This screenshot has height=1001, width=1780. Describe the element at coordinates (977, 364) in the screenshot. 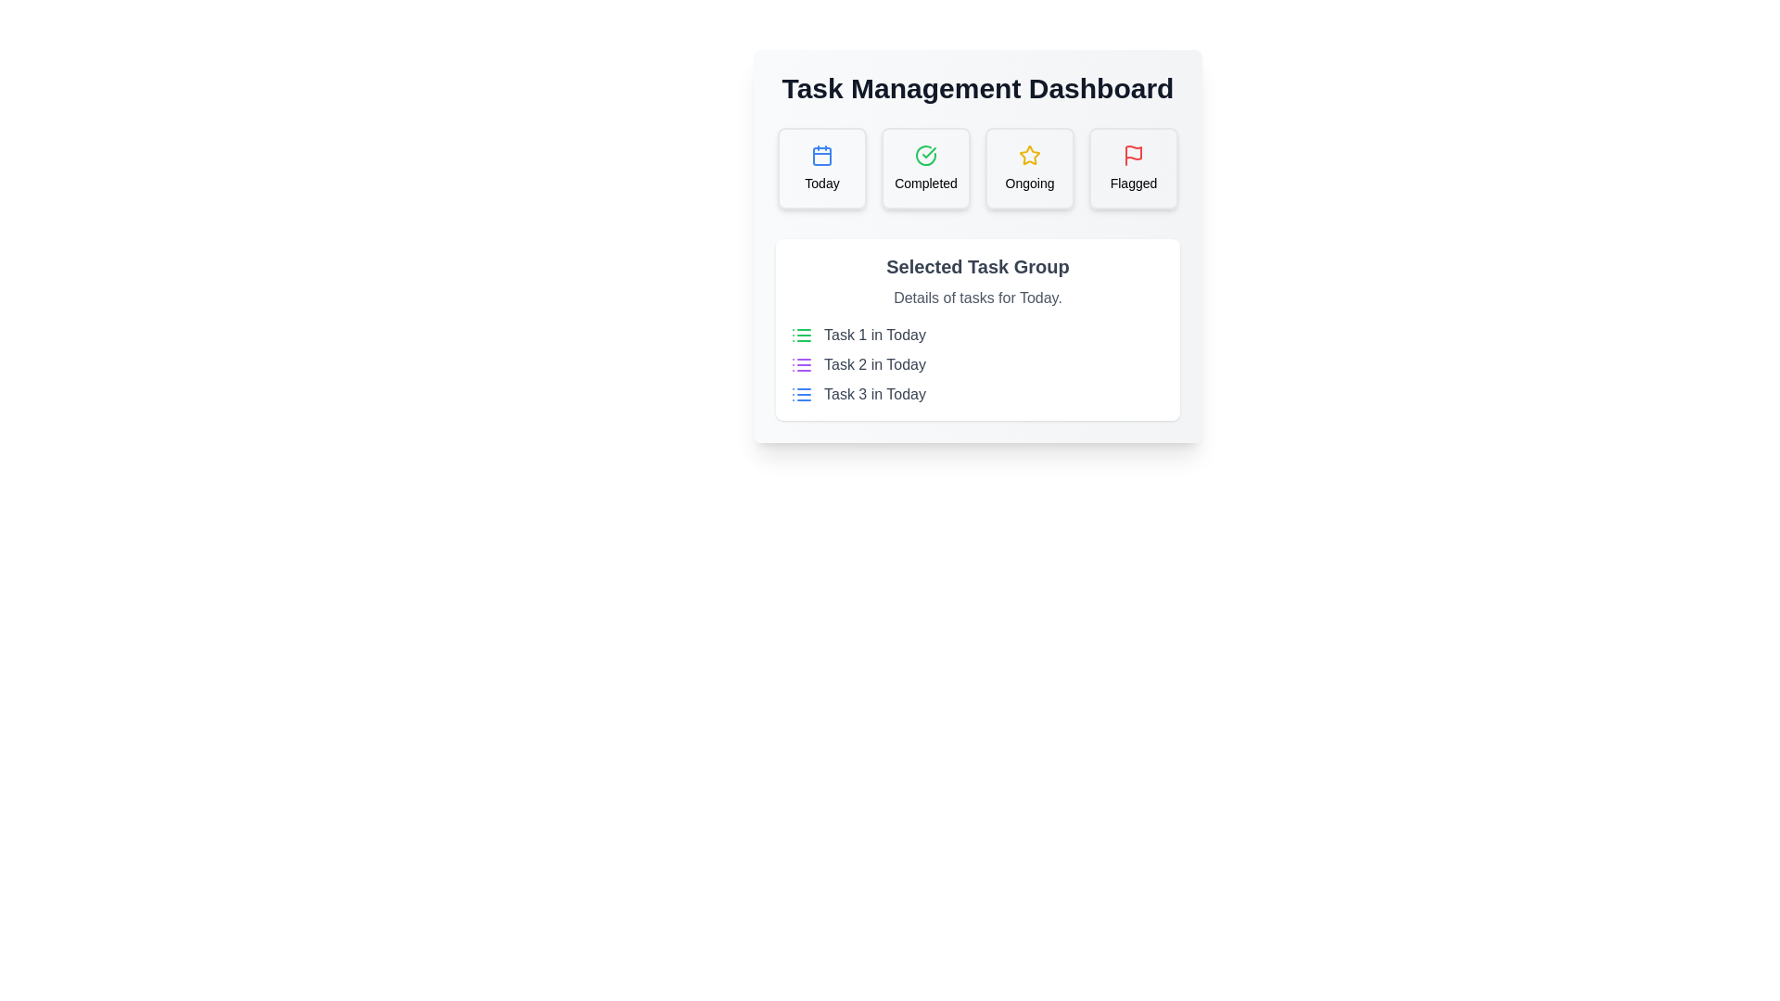

I see `the second list item displaying the name and status of the task 'Task 2' under the 'Details of tasks for Today.' group in the 'Selected Task Group' section` at that location.